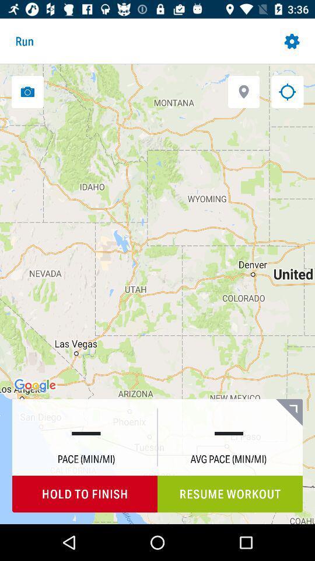 The width and height of the screenshot is (315, 561). What do you see at coordinates (288, 412) in the screenshot?
I see `the icon above the resume workout item` at bounding box center [288, 412].